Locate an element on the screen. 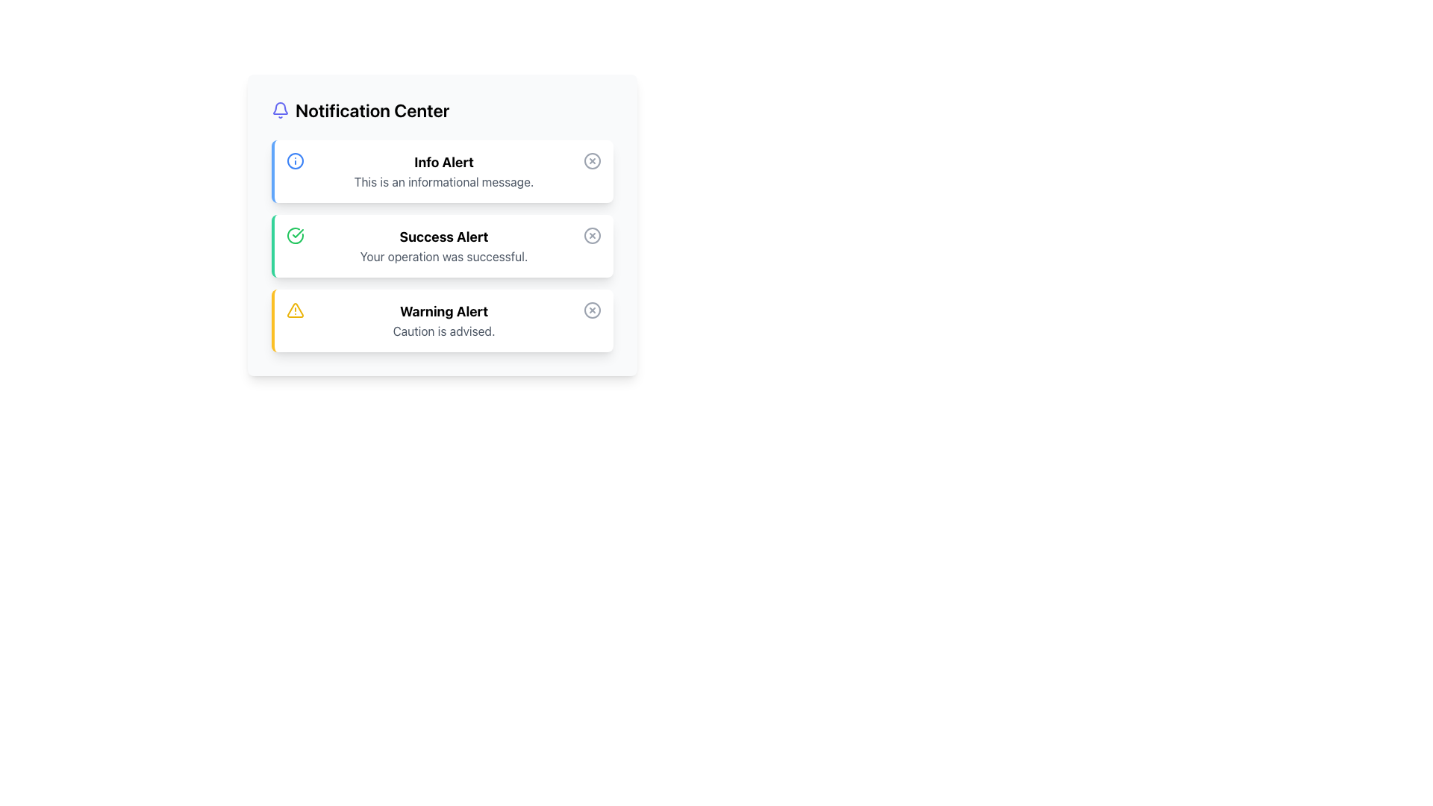  the 'Success Alert' icon located in the leftmost section of the 'Success Alert' card within the Notification Center to indicate a positive outcome is located at coordinates (298, 233).